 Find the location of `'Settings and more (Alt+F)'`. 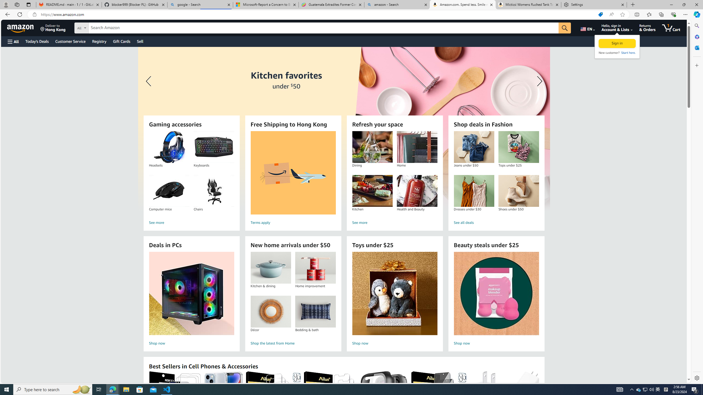

'Settings and more (Alt+F)' is located at coordinates (685, 14).